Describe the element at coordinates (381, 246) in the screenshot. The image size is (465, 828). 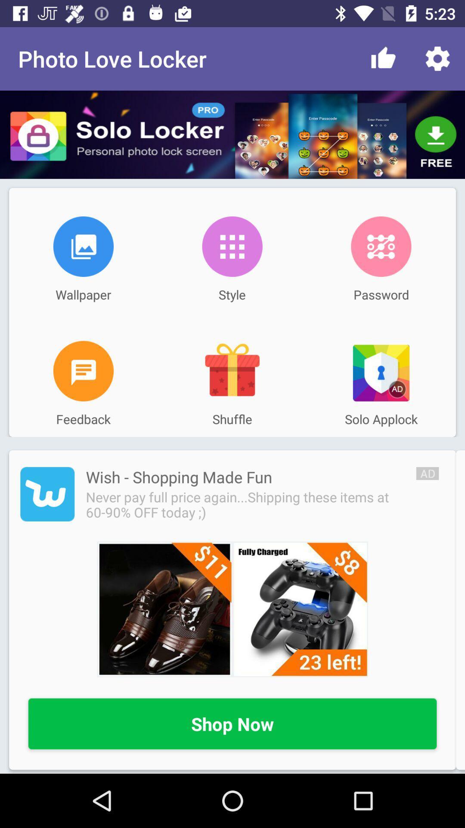
I see `set photo for password screen` at that location.